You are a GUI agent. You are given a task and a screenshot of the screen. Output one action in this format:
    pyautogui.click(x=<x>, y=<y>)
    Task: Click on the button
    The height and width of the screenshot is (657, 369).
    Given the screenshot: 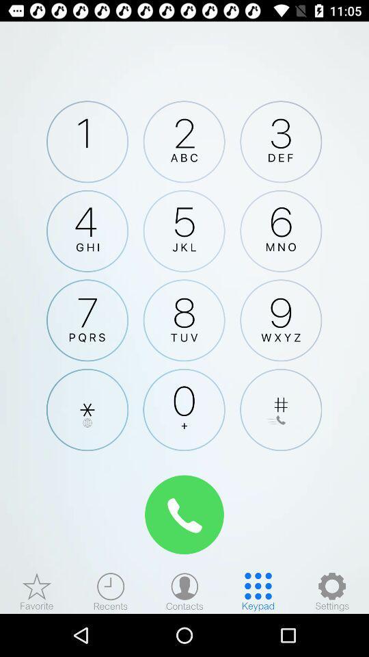 What is the action you would take?
    pyautogui.click(x=87, y=410)
    